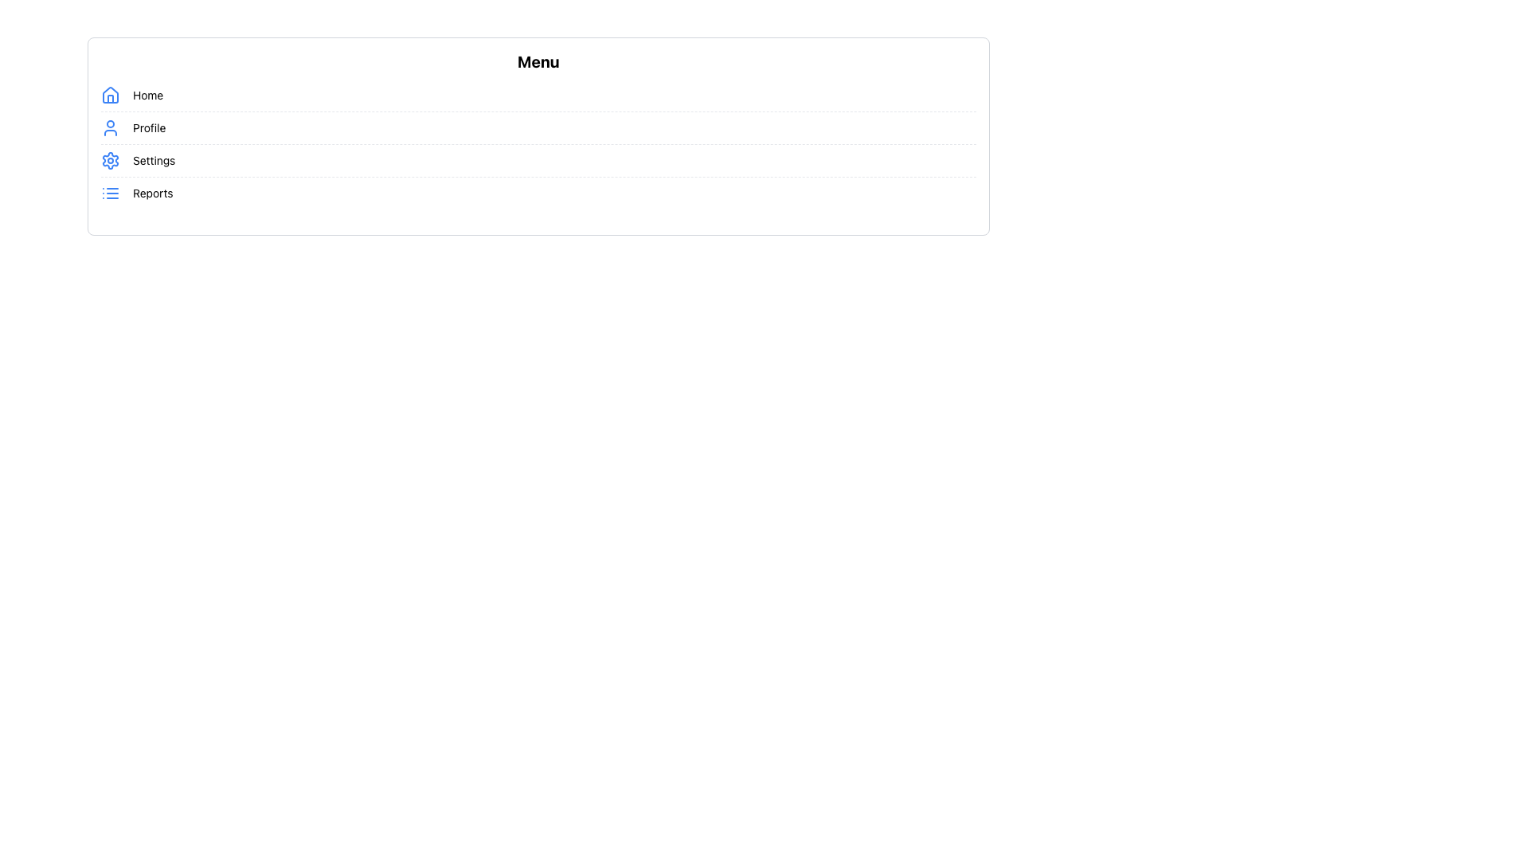 Image resolution: width=1529 pixels, height=860 pixels. What do you see at coordinates (110, 193) in the screenshot?
I see `the small blue icon with a list-style design featuring three horizontal lines and dots, which is located to the left of the 'Reports' text in the navigation menu` at bounding box center [110, 193].